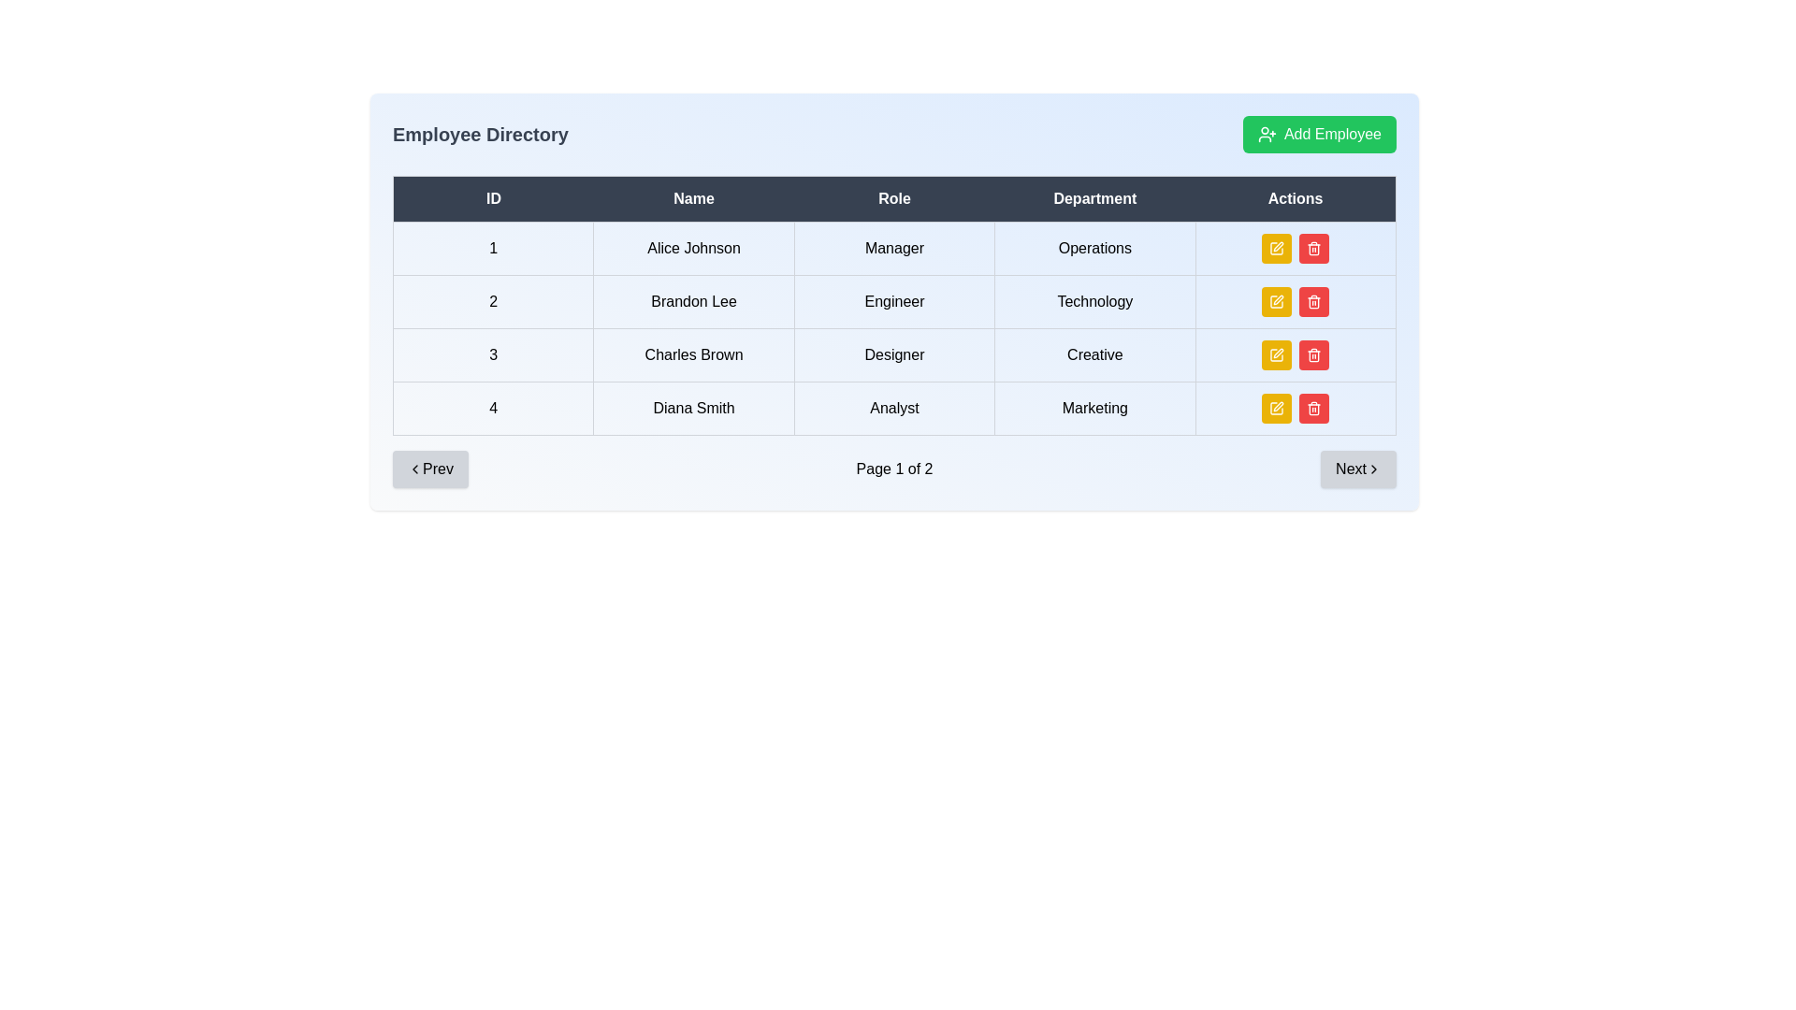 Image resolution: width=1796 pixels, height=1010 pixels. What do you see at coordinates (693, 355) in the screenshot?
I see `the text label displaying 'Charles Brown', located in the second column of the third row of the table under the 'Name' header` at bounding box center [693, 355].